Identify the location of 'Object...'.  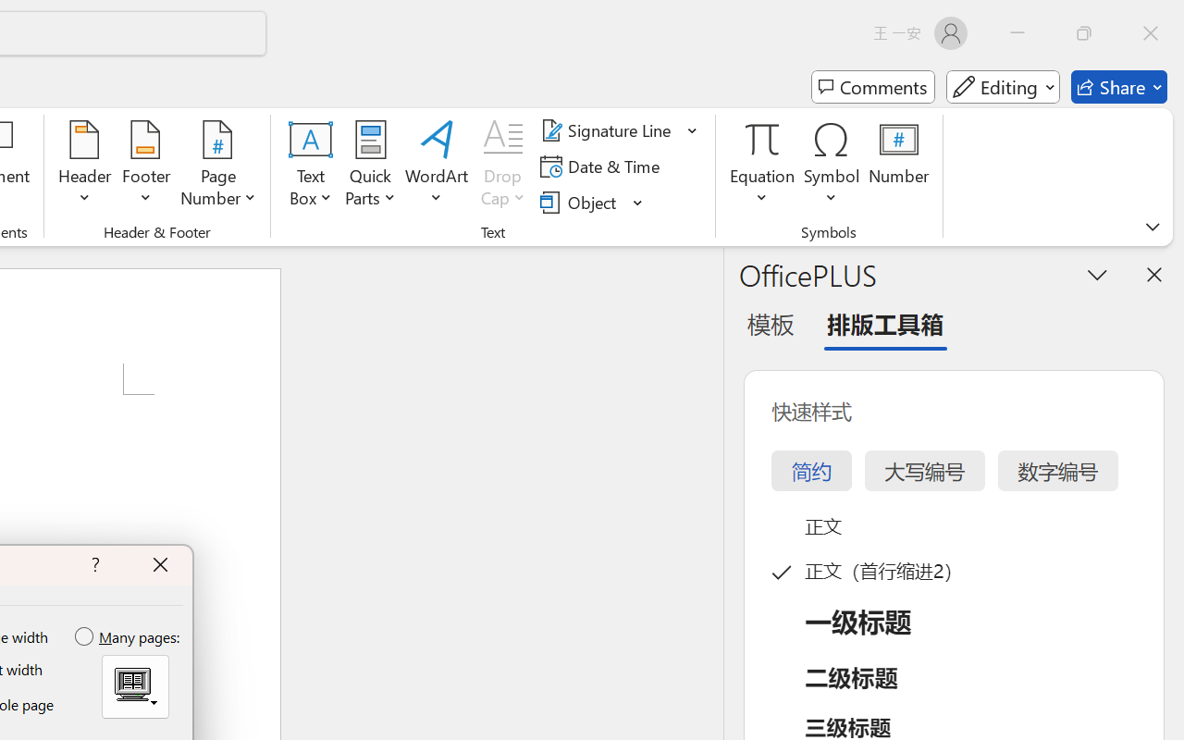
(580, 202).